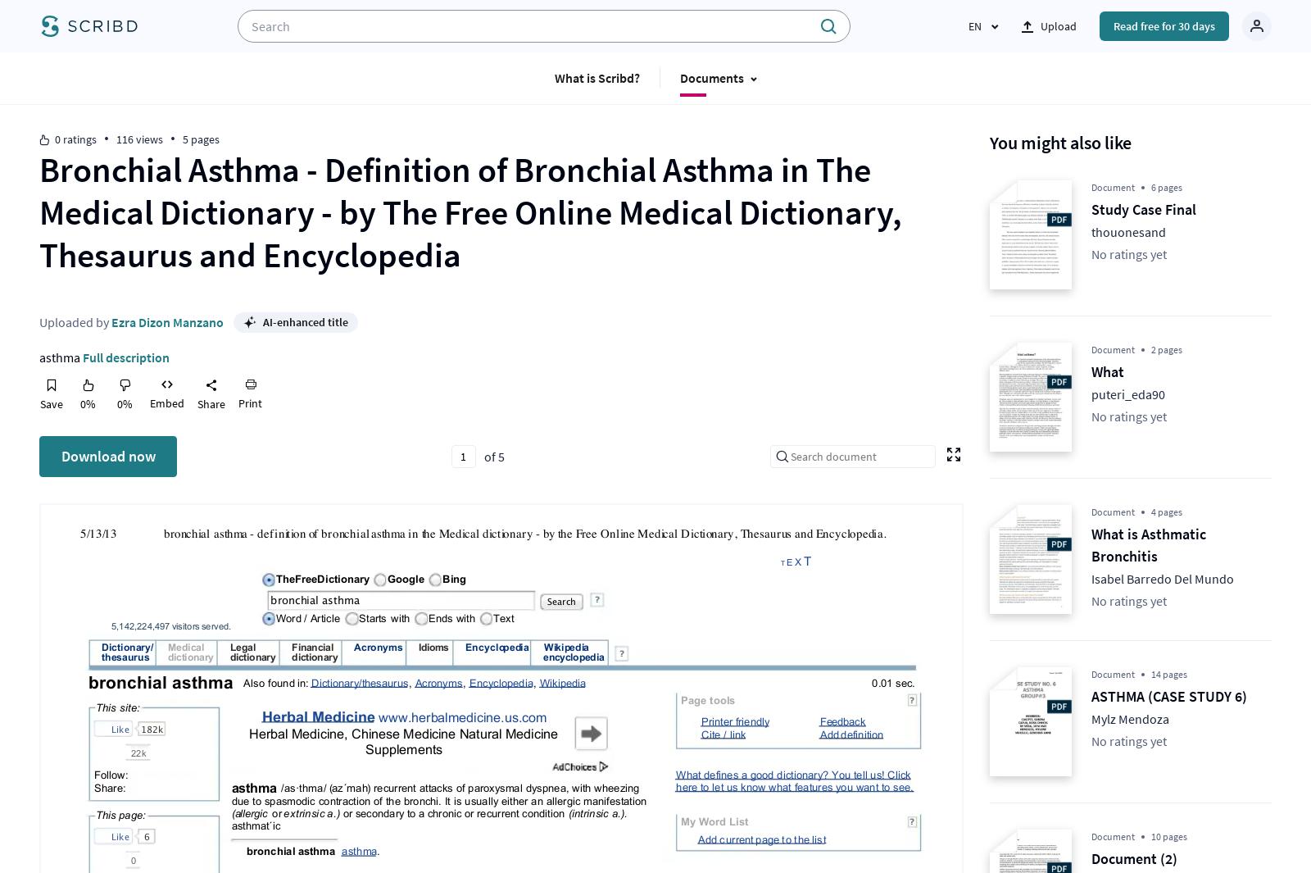 The width and height of the screenshot is (1311, 873). Describe the element at coordinates (470, 211) in the screenshot. I see `'Bronchial Asthma - Definition of Bronchial Asthma in The Medical Dictionary - by The Free Online Medical Dictionary, Thesaurus and Encyclopedia'` at that location.